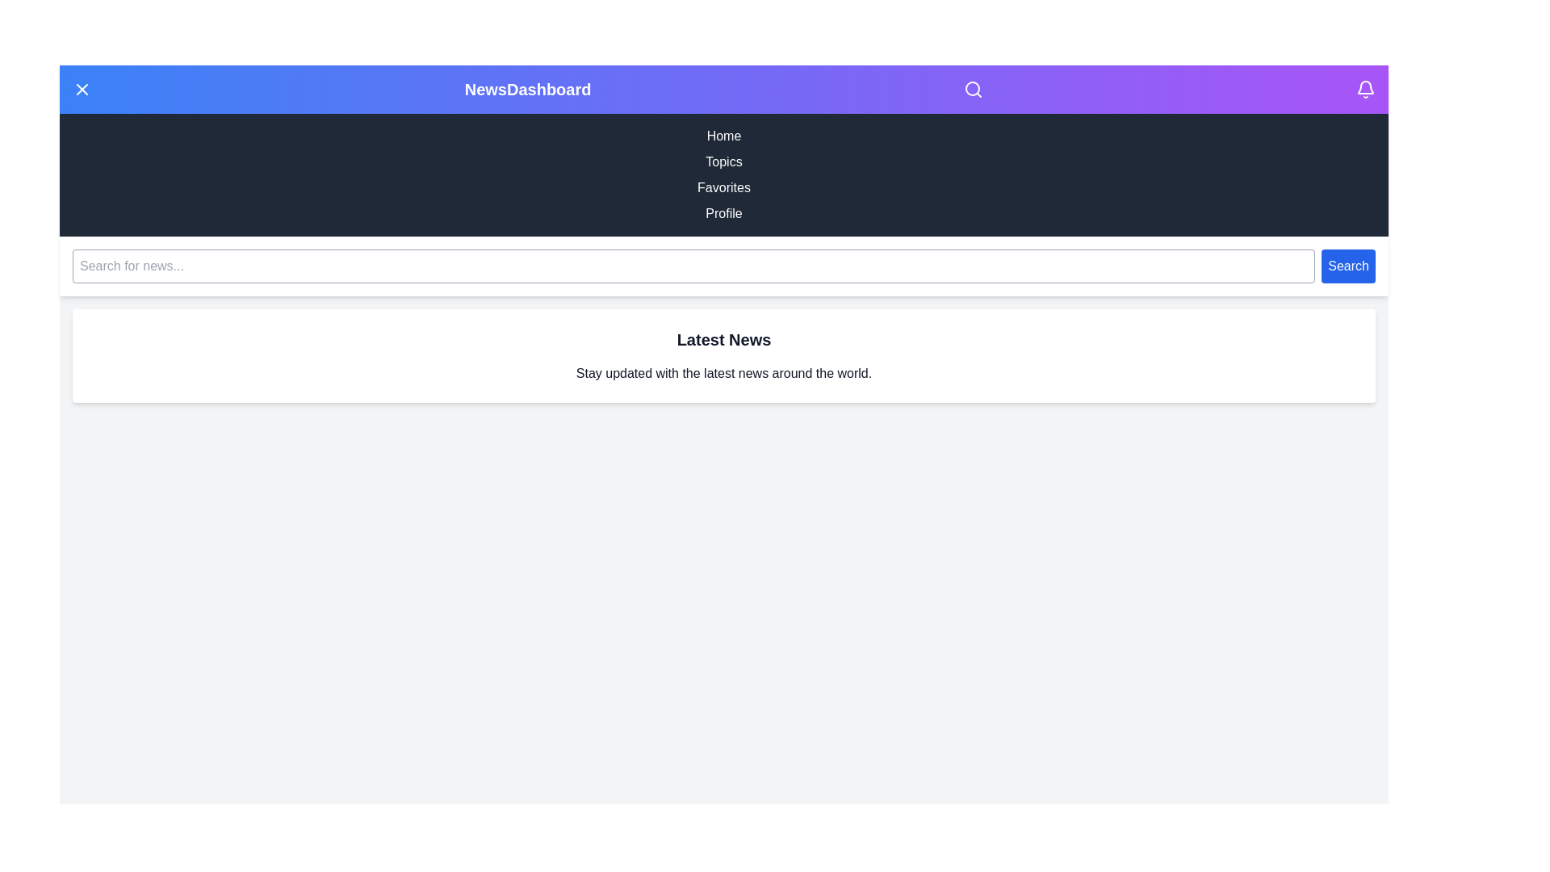  Describe the element at coordinates (973, 90) in the screenshot. I see `the search button to toggle the visibility of the search bar` at that location.